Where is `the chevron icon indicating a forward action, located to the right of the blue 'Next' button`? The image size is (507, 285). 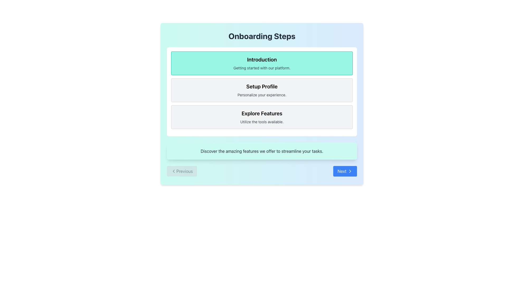 the chevron icon indicating a forward action, located to the right of the blue 'Next' button is located at coordinates (350, 171).